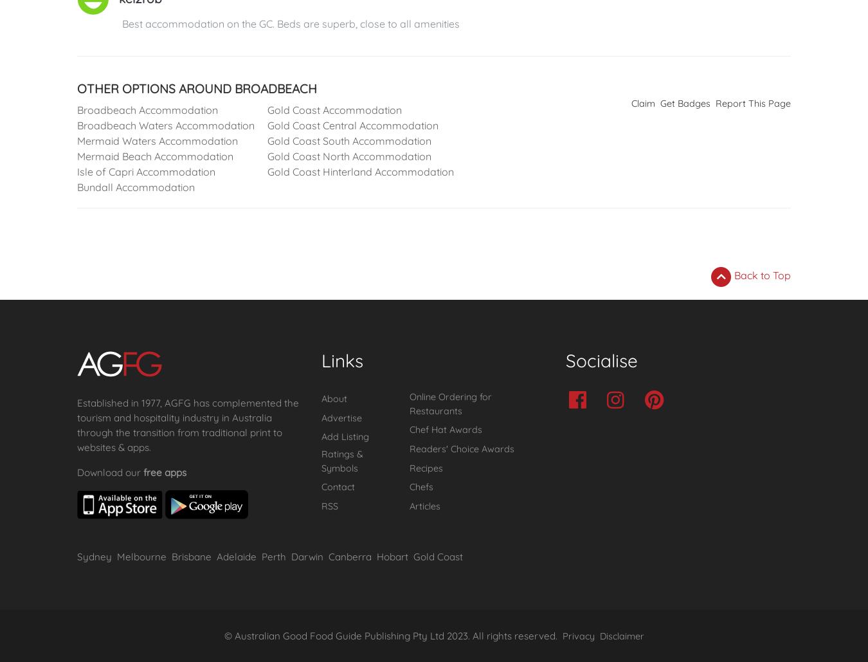 The height and width of the screenshot is (662, 868). Describe the element at coordinates (190, 556) in the screenshot. I see `'Brisbane'` at that location.